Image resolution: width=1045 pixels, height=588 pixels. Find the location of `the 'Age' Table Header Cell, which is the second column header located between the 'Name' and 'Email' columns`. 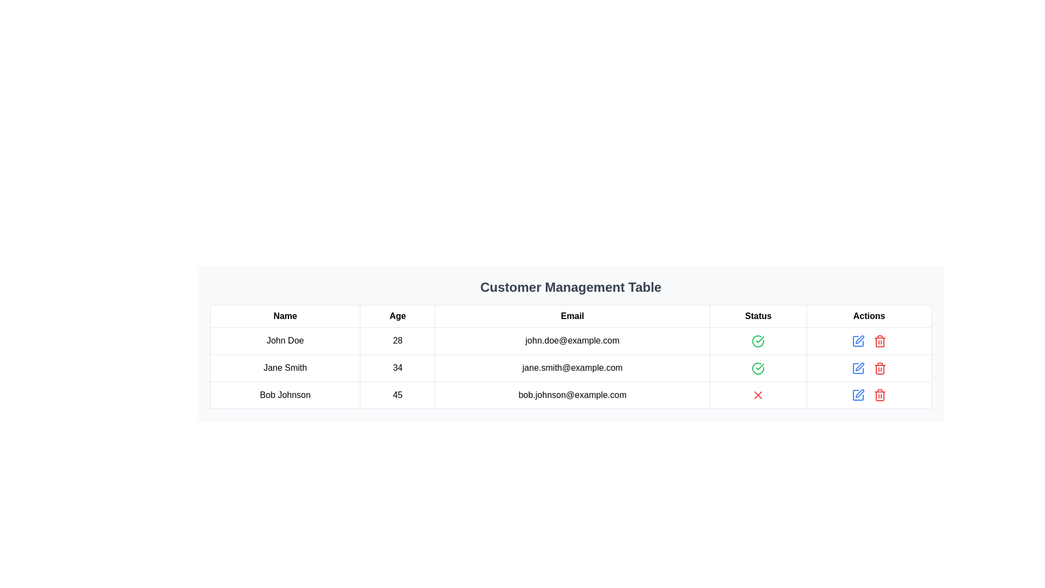

the 'Age' Table Header Cell, which is the second column header located between the 'Name' and 'Email' columns is located at coordinates (397, 316).